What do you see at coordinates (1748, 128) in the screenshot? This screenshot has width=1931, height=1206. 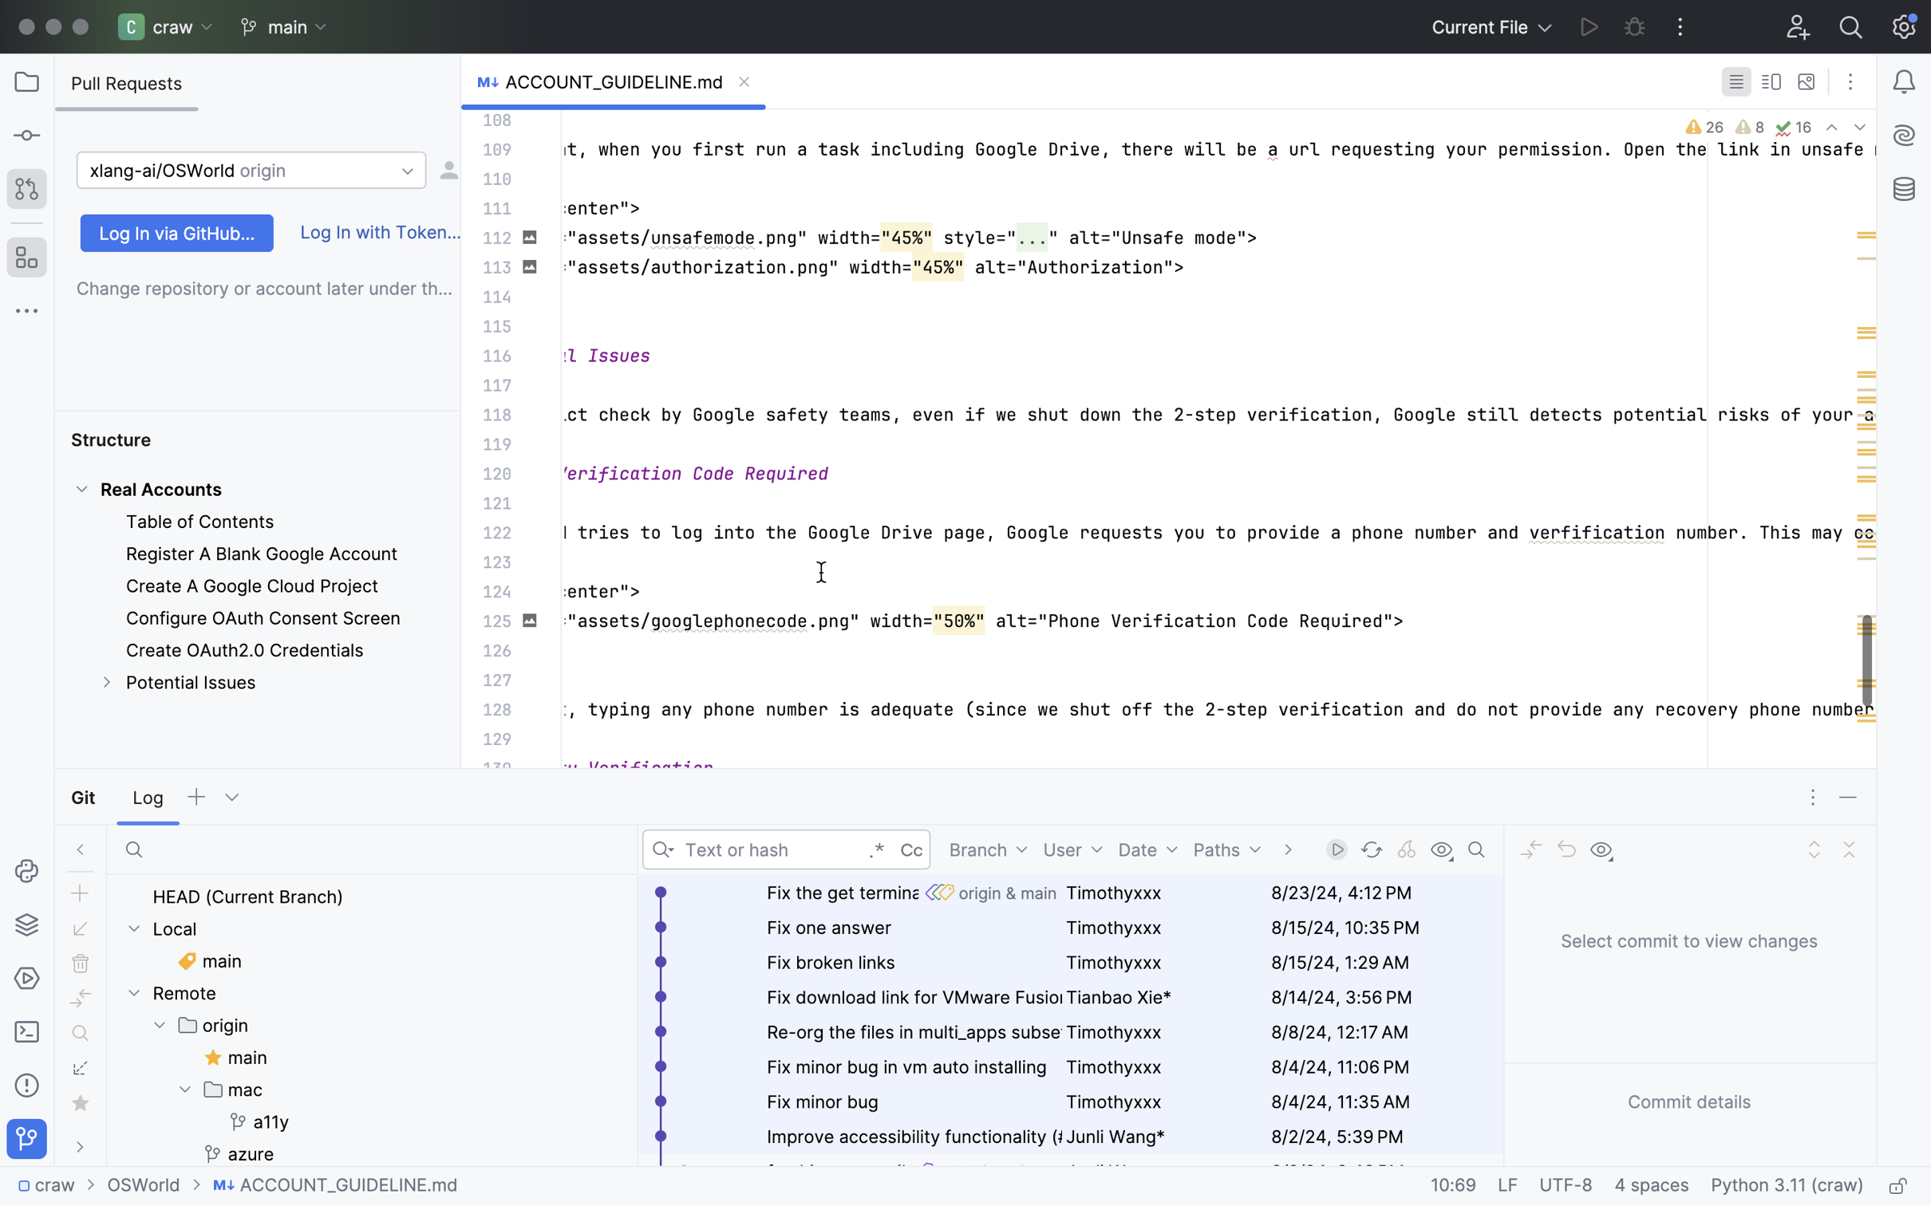 I see `'8'` at bounding box center [1748, 128].